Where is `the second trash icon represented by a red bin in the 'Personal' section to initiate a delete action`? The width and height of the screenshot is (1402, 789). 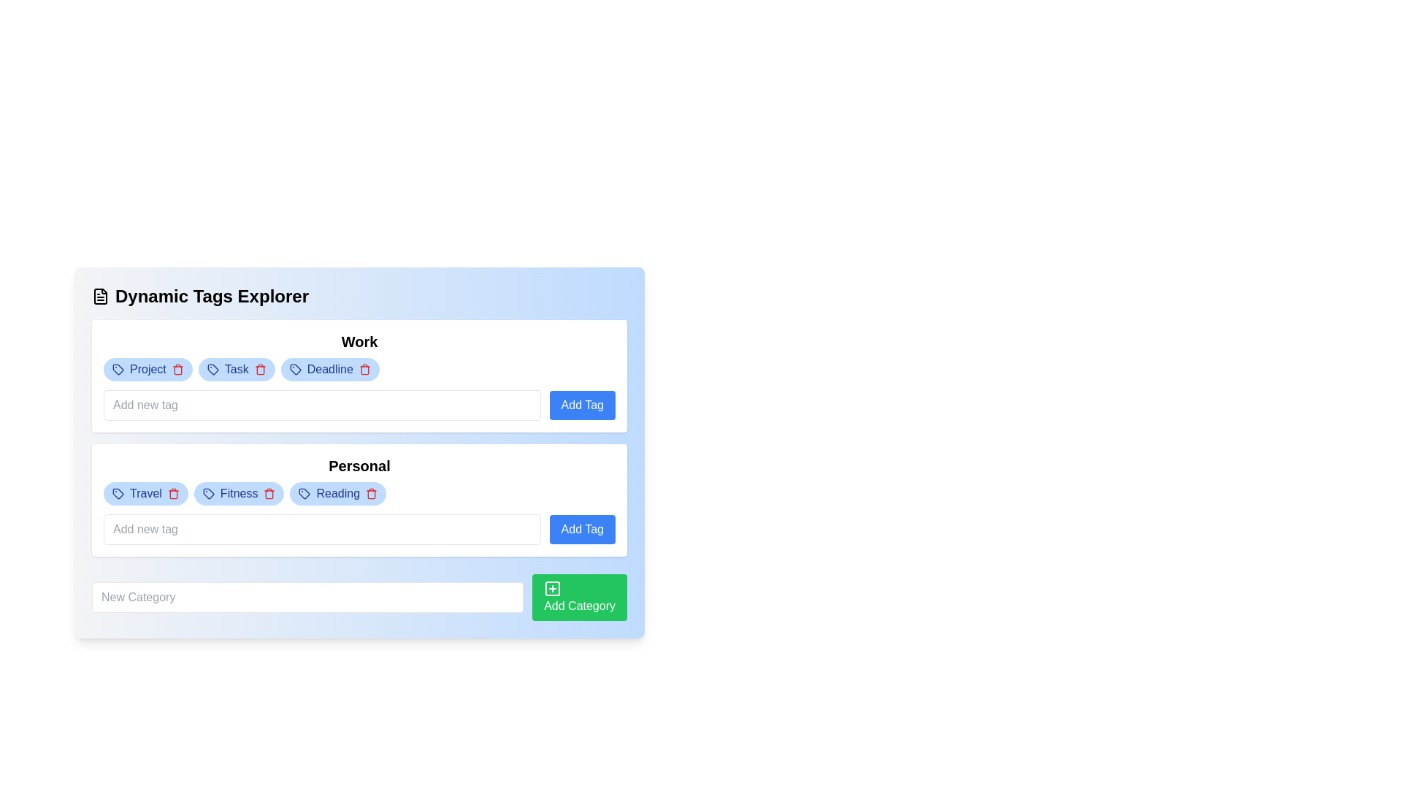
the second trash icon represented by a red bin in the 'Personal' section to initiate a delete action is located at coordinates (269, 493).